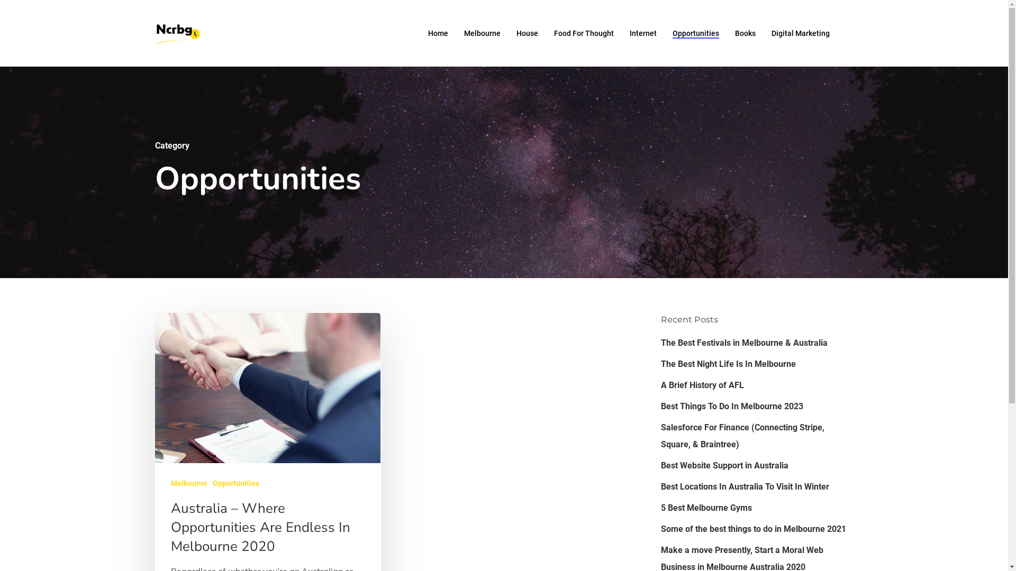 Image resolution: width=1016 pixels, height=571 pixels. I want to click on 'Books', so click(744, 32).